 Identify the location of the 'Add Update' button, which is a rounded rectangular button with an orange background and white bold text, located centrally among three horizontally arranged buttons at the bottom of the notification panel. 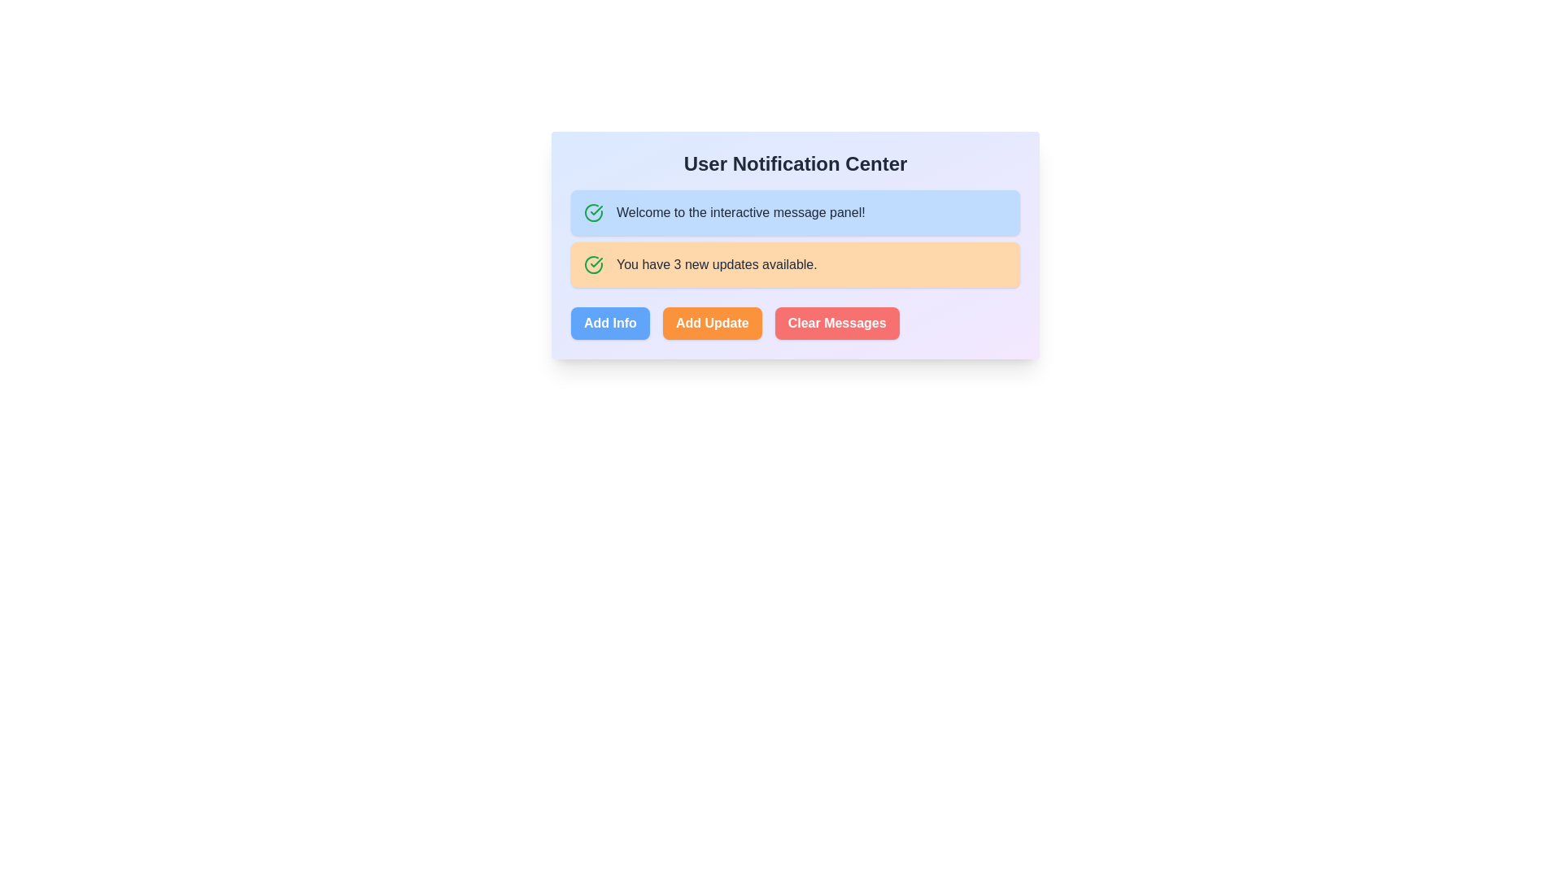
(712, 323).